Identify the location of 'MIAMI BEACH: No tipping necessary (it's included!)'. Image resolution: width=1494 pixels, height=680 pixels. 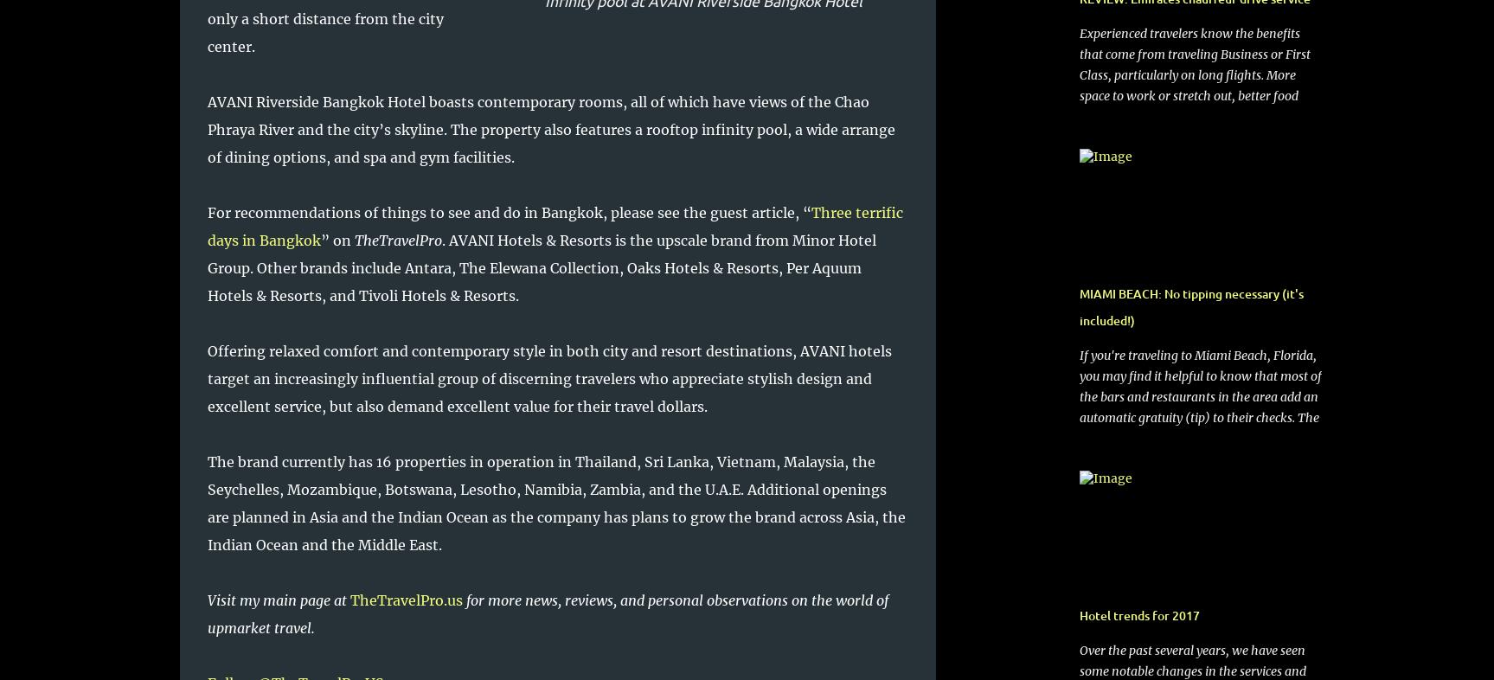
(1190, 307).